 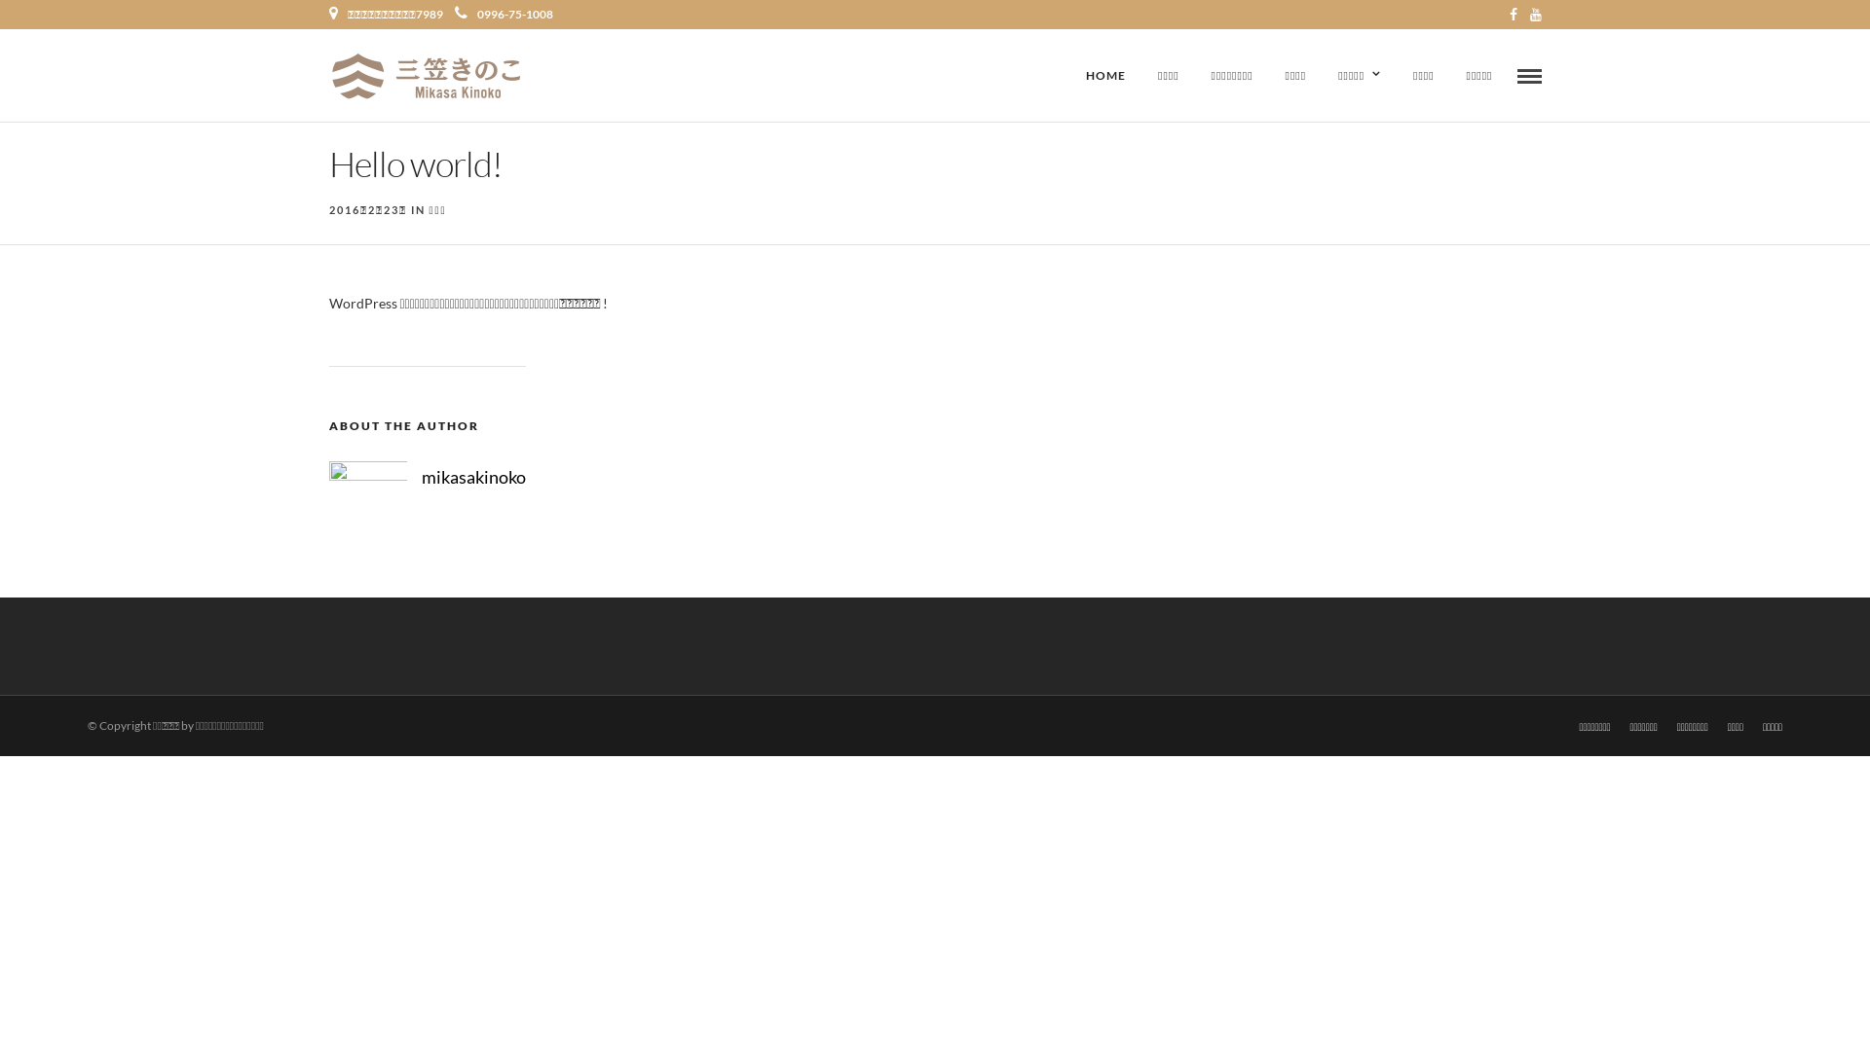 I want to click on 'HOME', so click(x=1069, y=75).